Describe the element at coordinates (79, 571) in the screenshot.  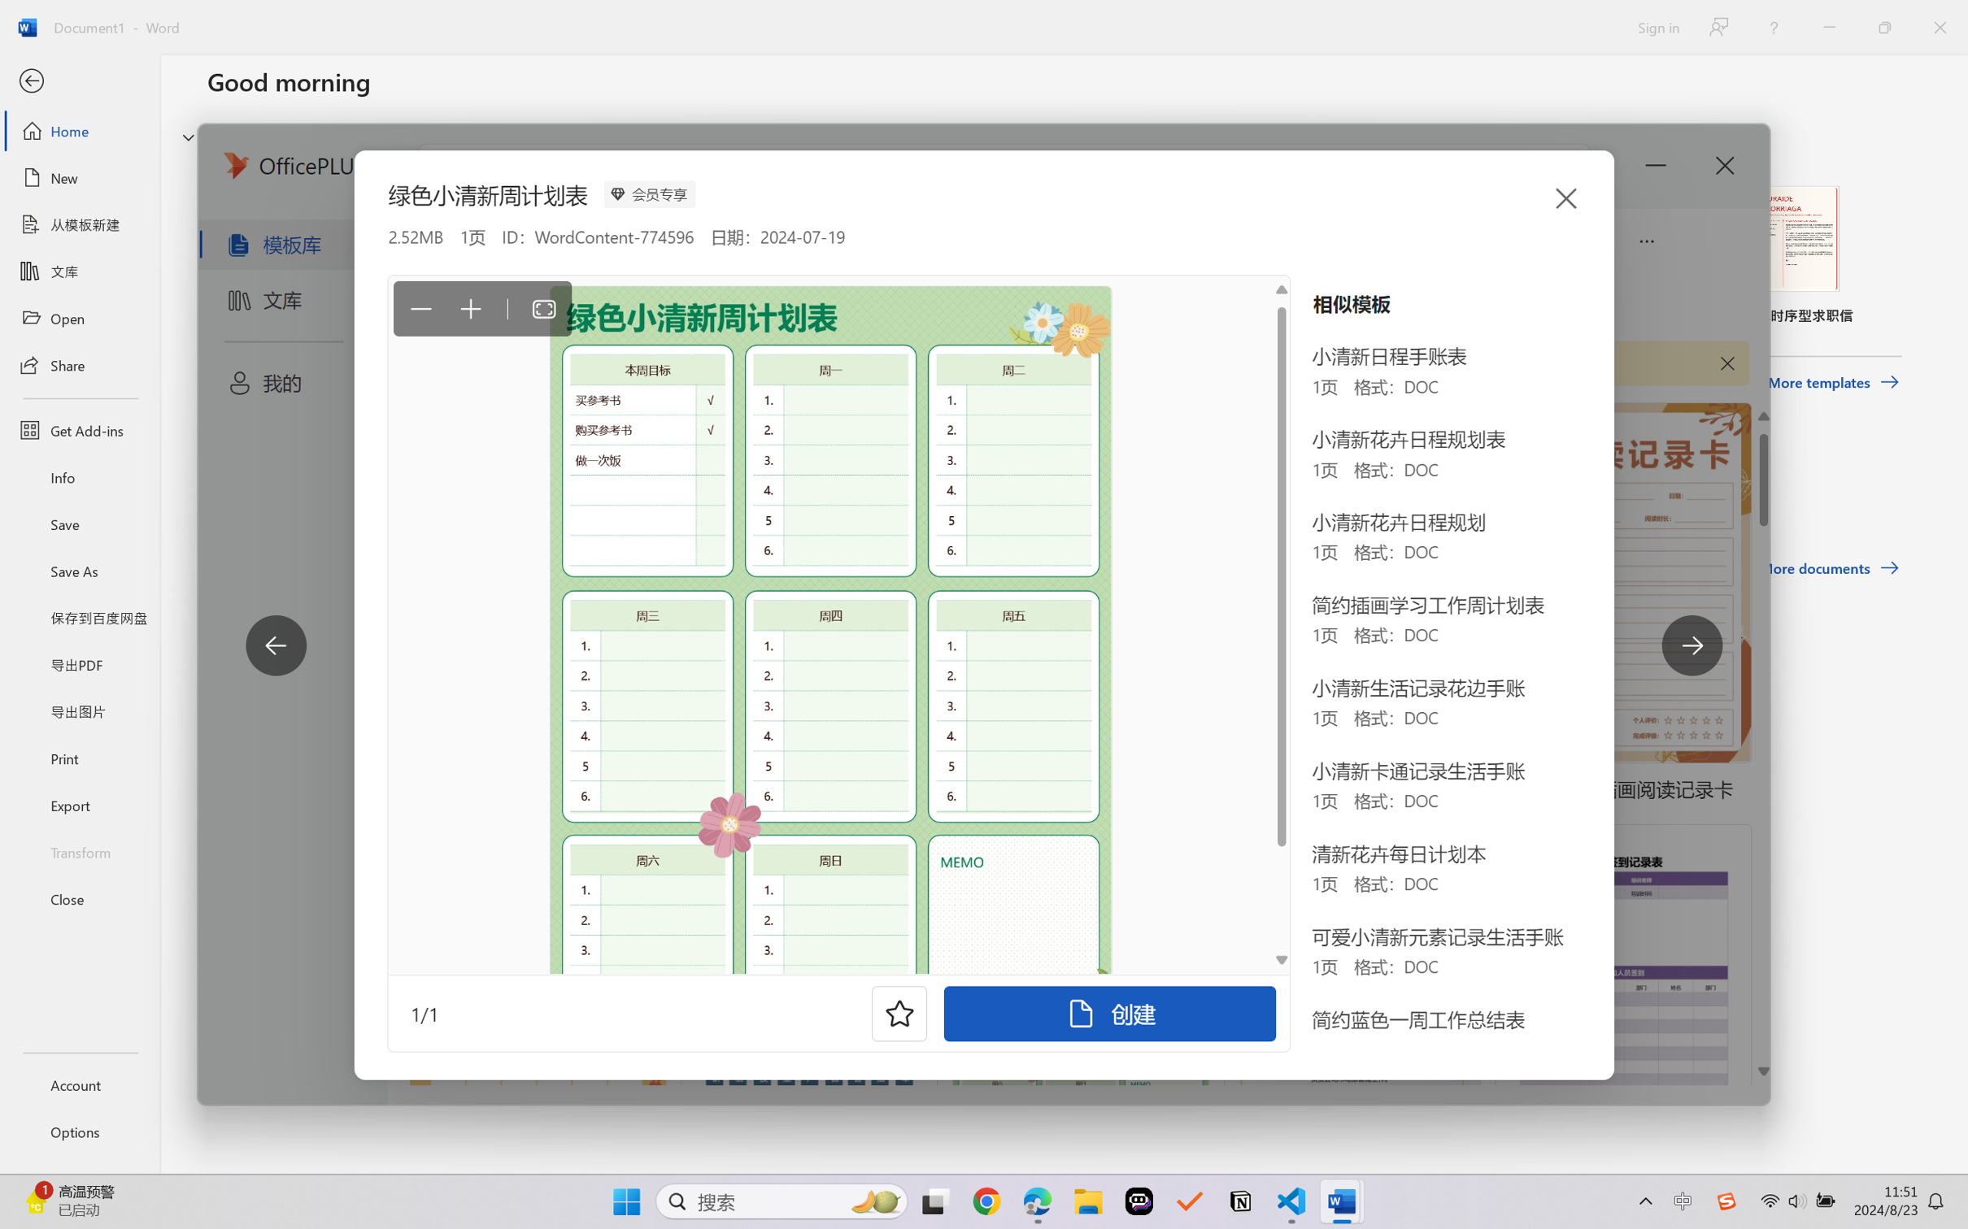
I see `'Save As'` at that location.